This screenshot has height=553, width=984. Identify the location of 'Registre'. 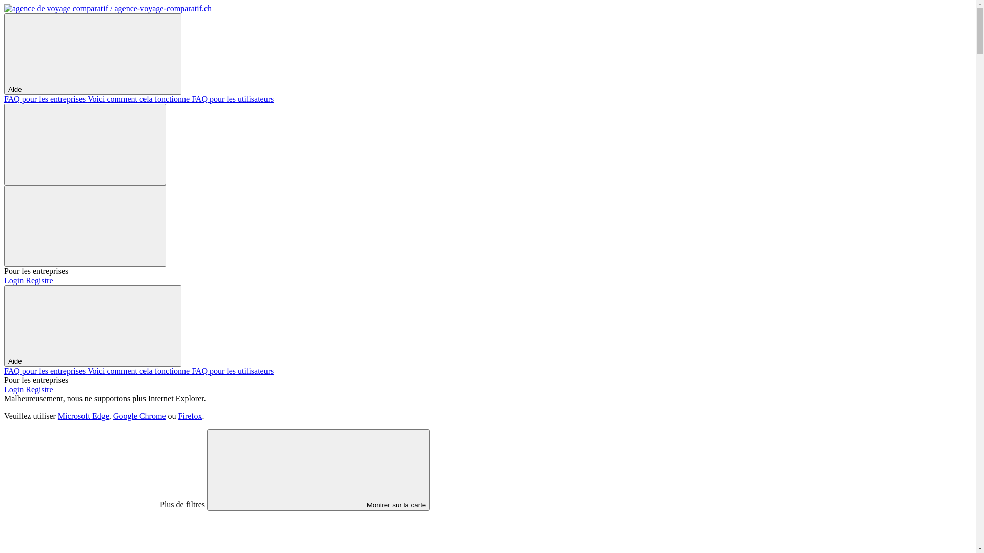
(39, 389).